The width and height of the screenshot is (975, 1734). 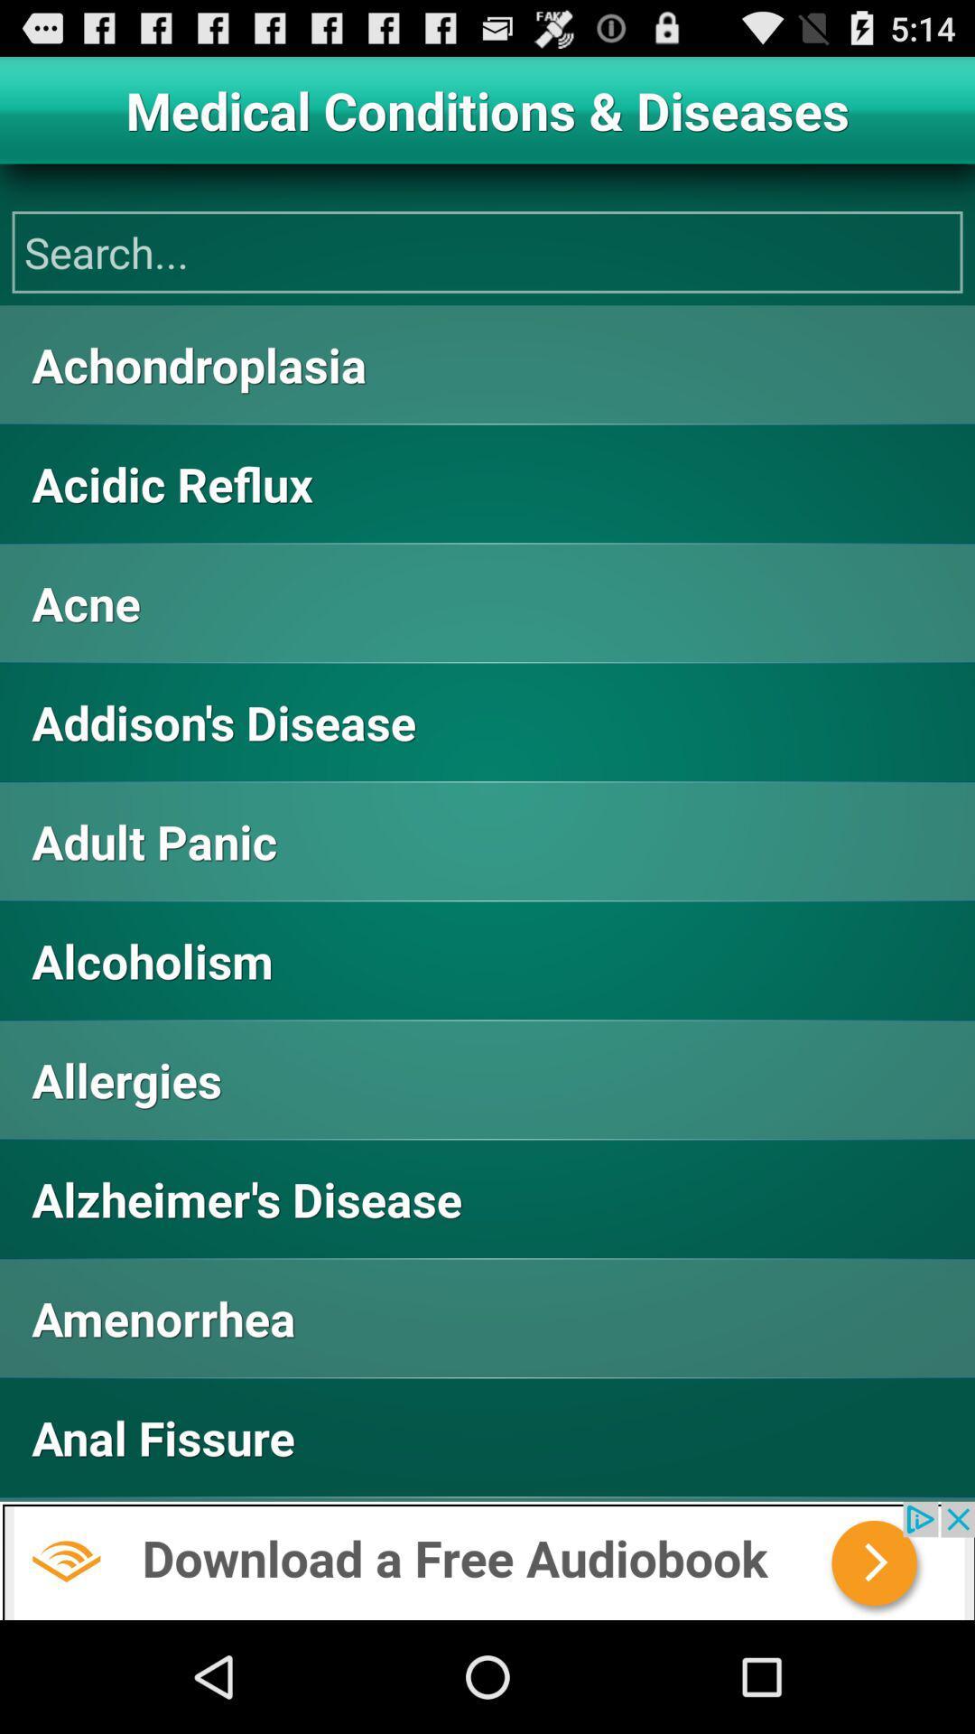 I want to click on advertisement area, so click(x=487, y=1560).